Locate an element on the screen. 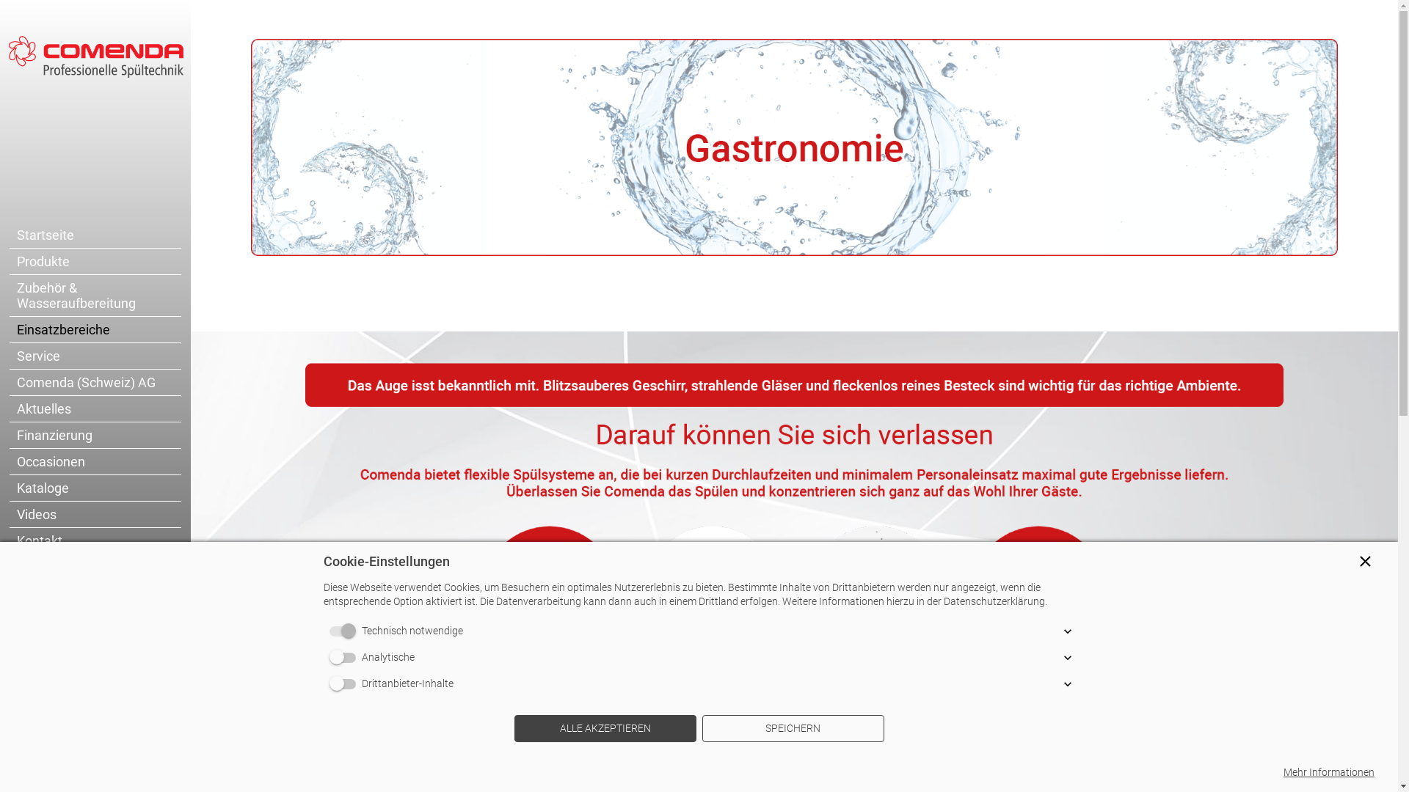 Image resolution: width=1409 pixels, height=792 pixels. 'Service' is located at coordinates (94, 356).